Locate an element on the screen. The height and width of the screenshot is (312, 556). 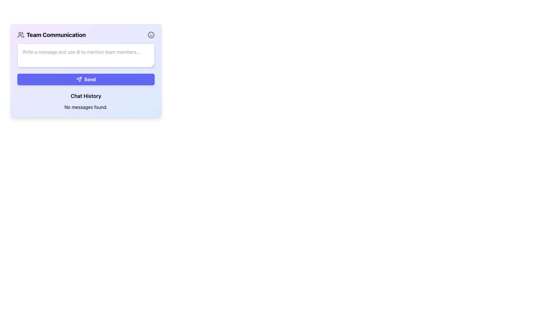
the text input box located below the 'Team Communication' header and above the 'Send' button to focus and start typing is located at coordinates (86, 55).